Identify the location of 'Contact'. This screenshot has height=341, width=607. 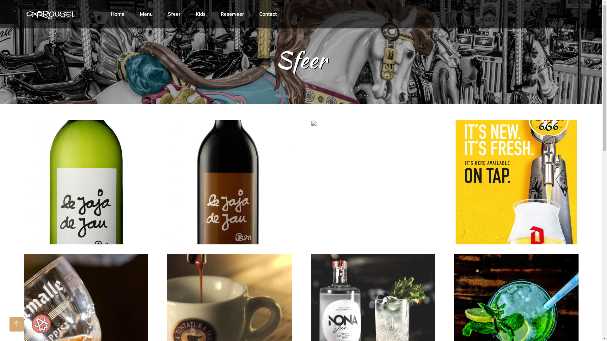
(268, 14).